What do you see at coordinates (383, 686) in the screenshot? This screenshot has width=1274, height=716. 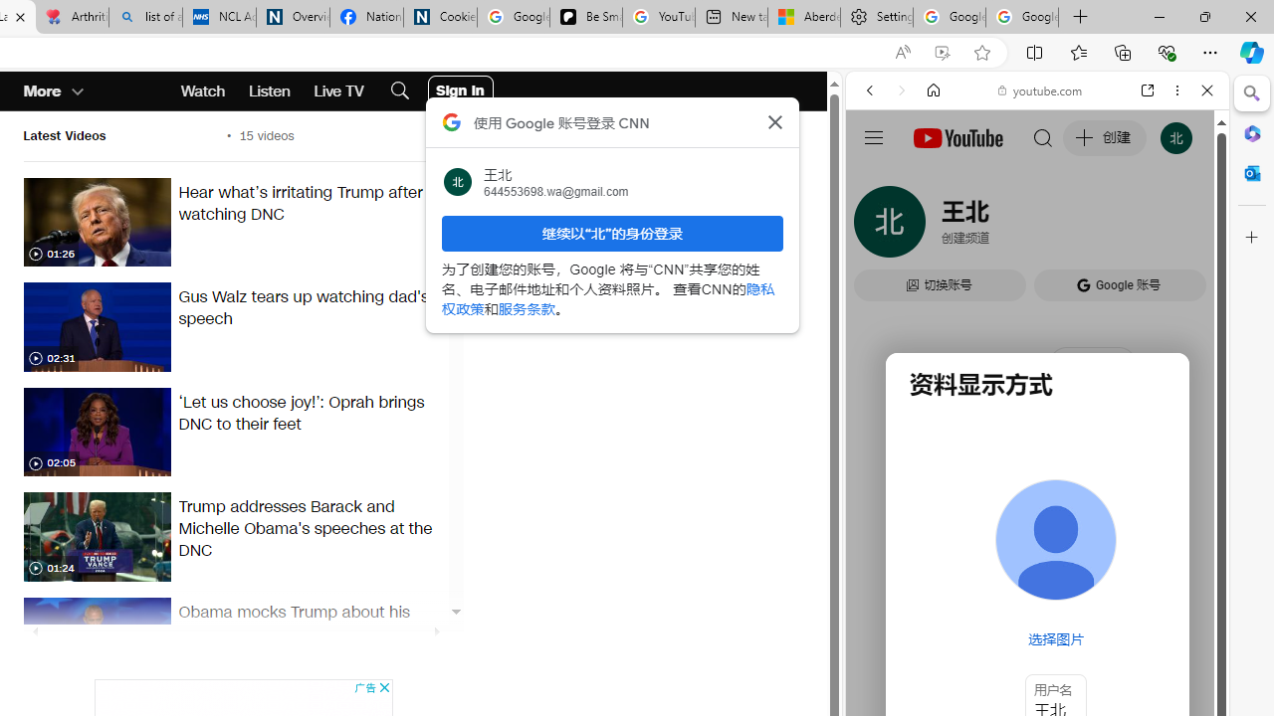 I see `'AutomationID: cbb'` at bounding box center [383, 686].